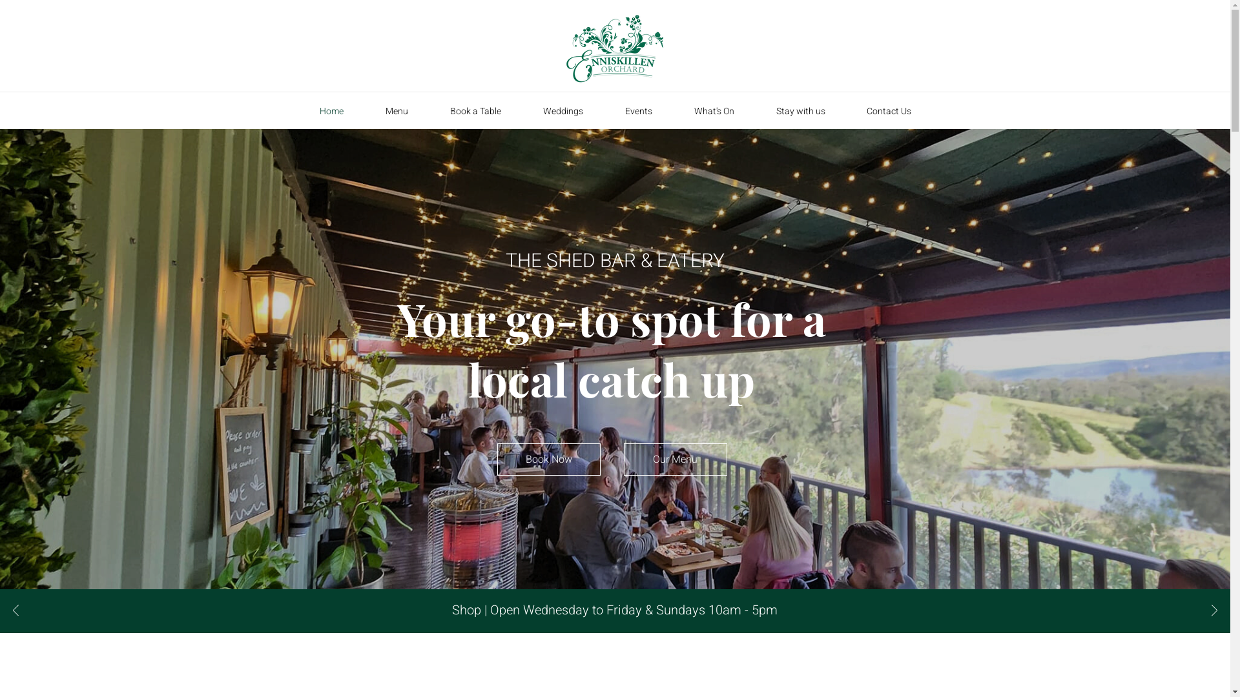 This screenshot has width=1240, height=697. What do you see at coordinates (474, 110) in the screenshot?
I see `'Book a Table'` at bounding box center [474, 110].